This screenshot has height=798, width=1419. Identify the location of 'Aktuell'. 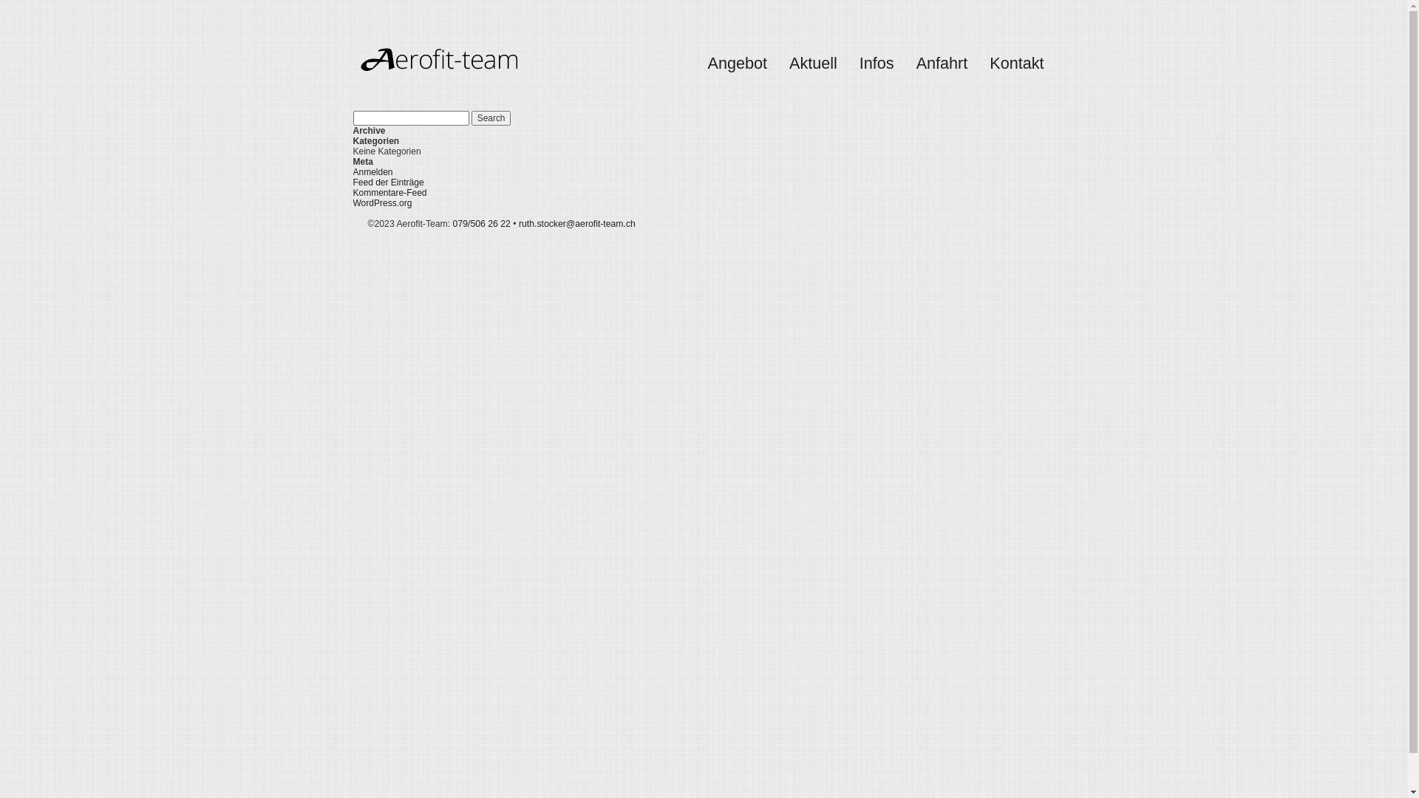
(812, 62).